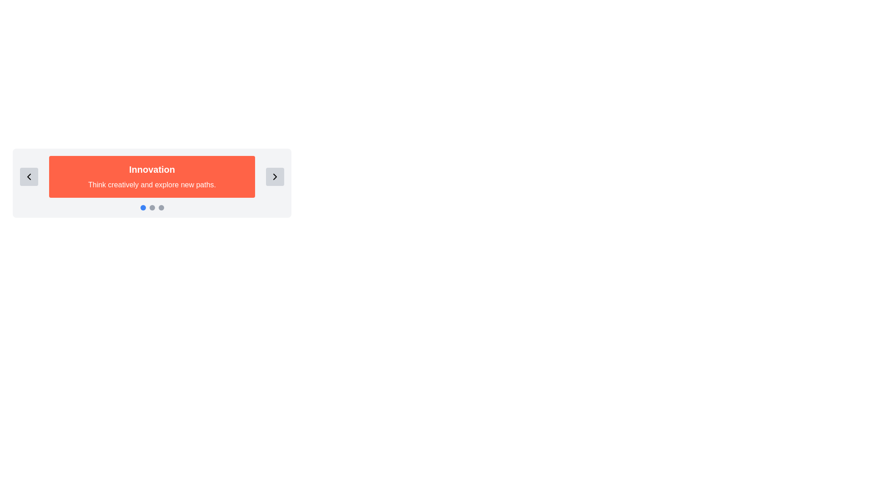  I want to click on the right-facing chevron icon on the 'Innovation' button, which has a prominent red section and is located above pagination indicators, so click(274, 177).